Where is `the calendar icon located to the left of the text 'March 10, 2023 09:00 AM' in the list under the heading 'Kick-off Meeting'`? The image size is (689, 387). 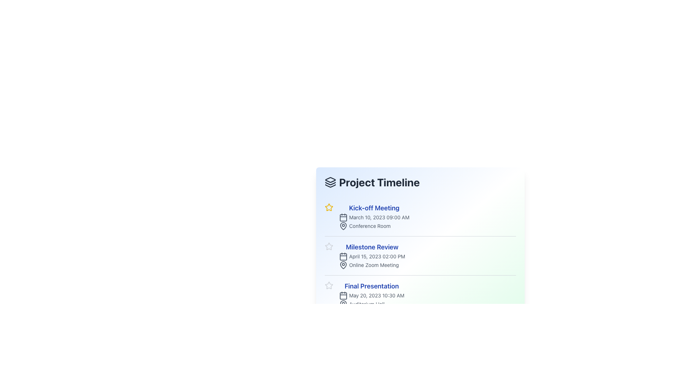
the calendar icon located to the left of the text 'March 10, 2023 09:00 AM' in the list under the heading 'Kick-off Meeting' is located at coordinates (343, 217).